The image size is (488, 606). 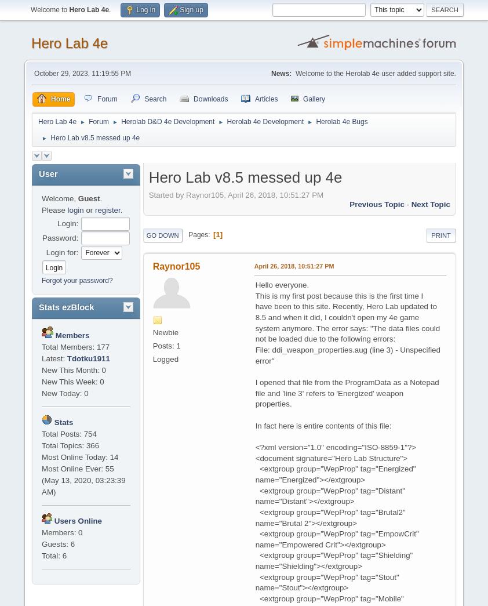 What do you see at coordinates (71, 335) in the screenshot?
I see `'Members'` at bounding box center [71, 335].